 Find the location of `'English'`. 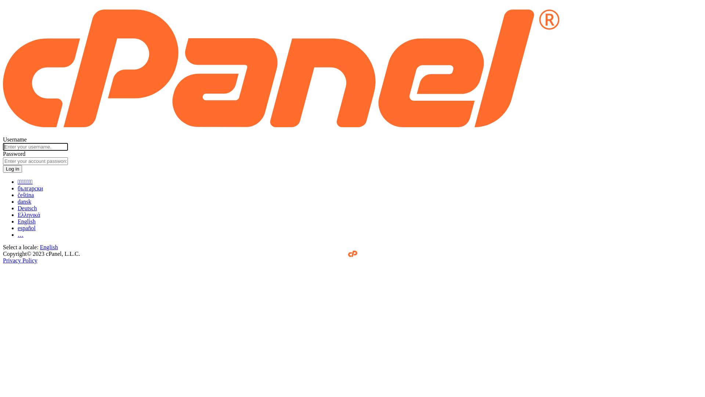

'English' is located at coordinates (26, 221).